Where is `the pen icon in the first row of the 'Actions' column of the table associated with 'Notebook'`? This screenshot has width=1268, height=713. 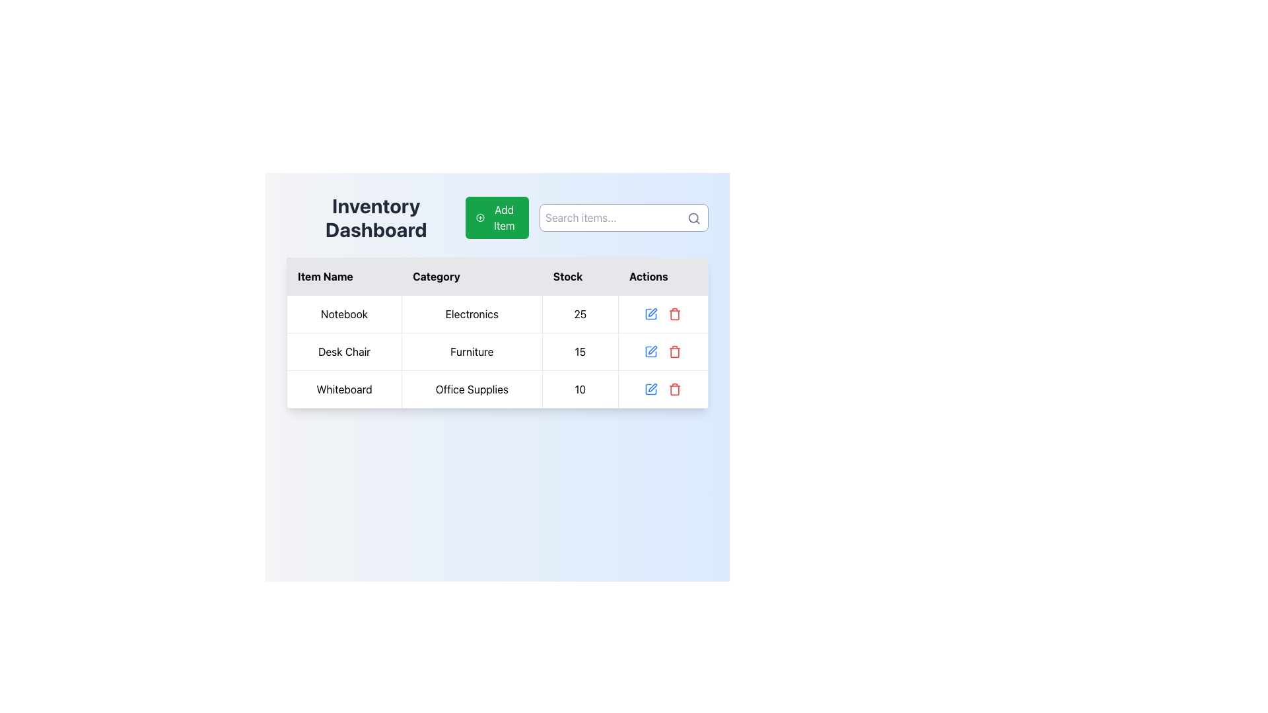 the pen icon in the first row of the 'Actions' column of the table associated with 'Notebook' is located at coordinates (652, 312).